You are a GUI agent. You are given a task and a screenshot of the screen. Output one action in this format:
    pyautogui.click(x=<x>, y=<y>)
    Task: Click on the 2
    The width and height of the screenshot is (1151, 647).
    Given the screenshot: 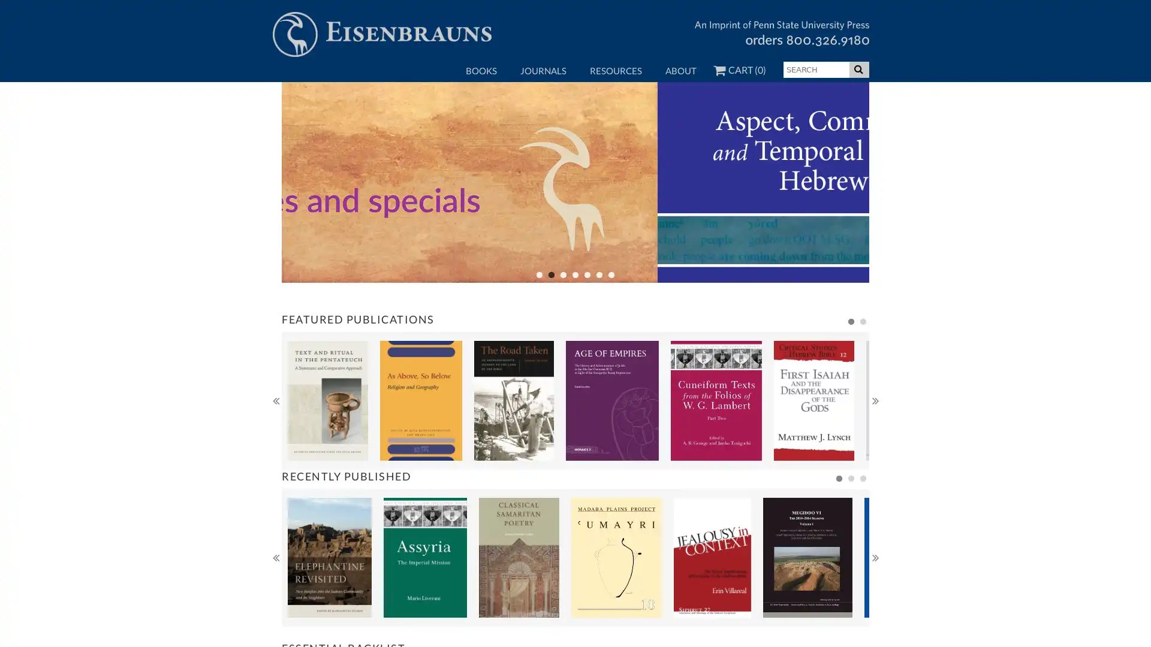 What is the action you would take?
    pyautogui.click(x=551, y=320)
    